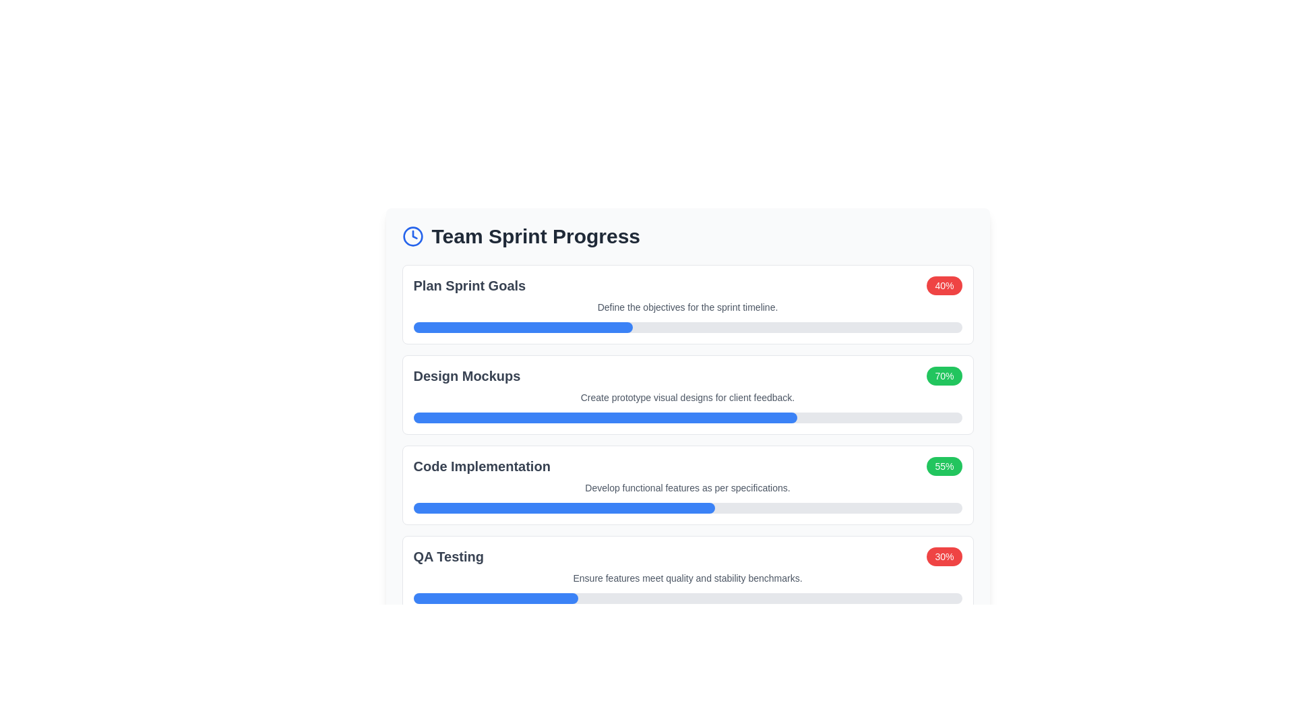 The width and height of the screenshot is (1294, 728). Describe the element at coordinates (448, 556) in the screenshot. I see `text label displaying 'QA Testing' in bold, dark gray font located at the bottom-most section of a vertical list, just above the '30%' progress indication` at that location.